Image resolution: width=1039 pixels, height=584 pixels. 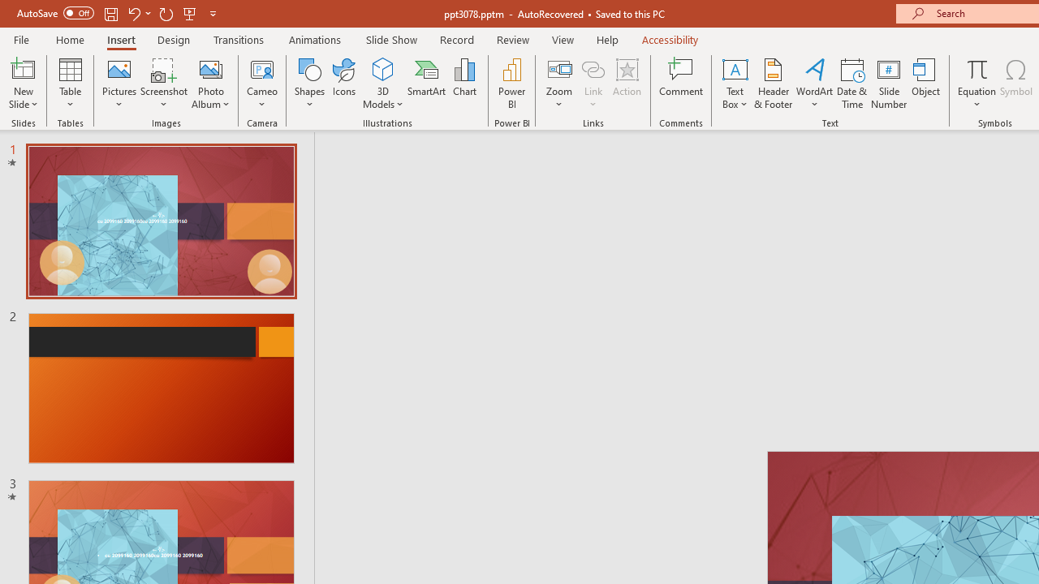 I want to click on 'Object...', so click(x=926, y=84).